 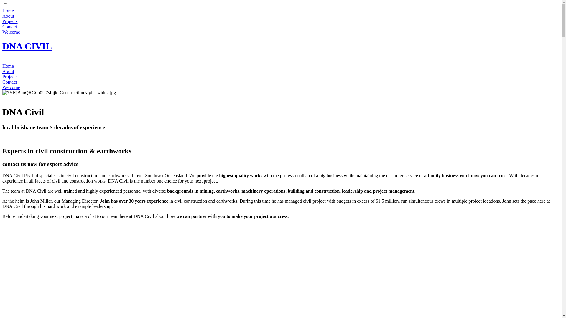 What do you see at coordinates (10, 76) in the screenshot?
I see `'Projects'` at bounding box center [10, 76].